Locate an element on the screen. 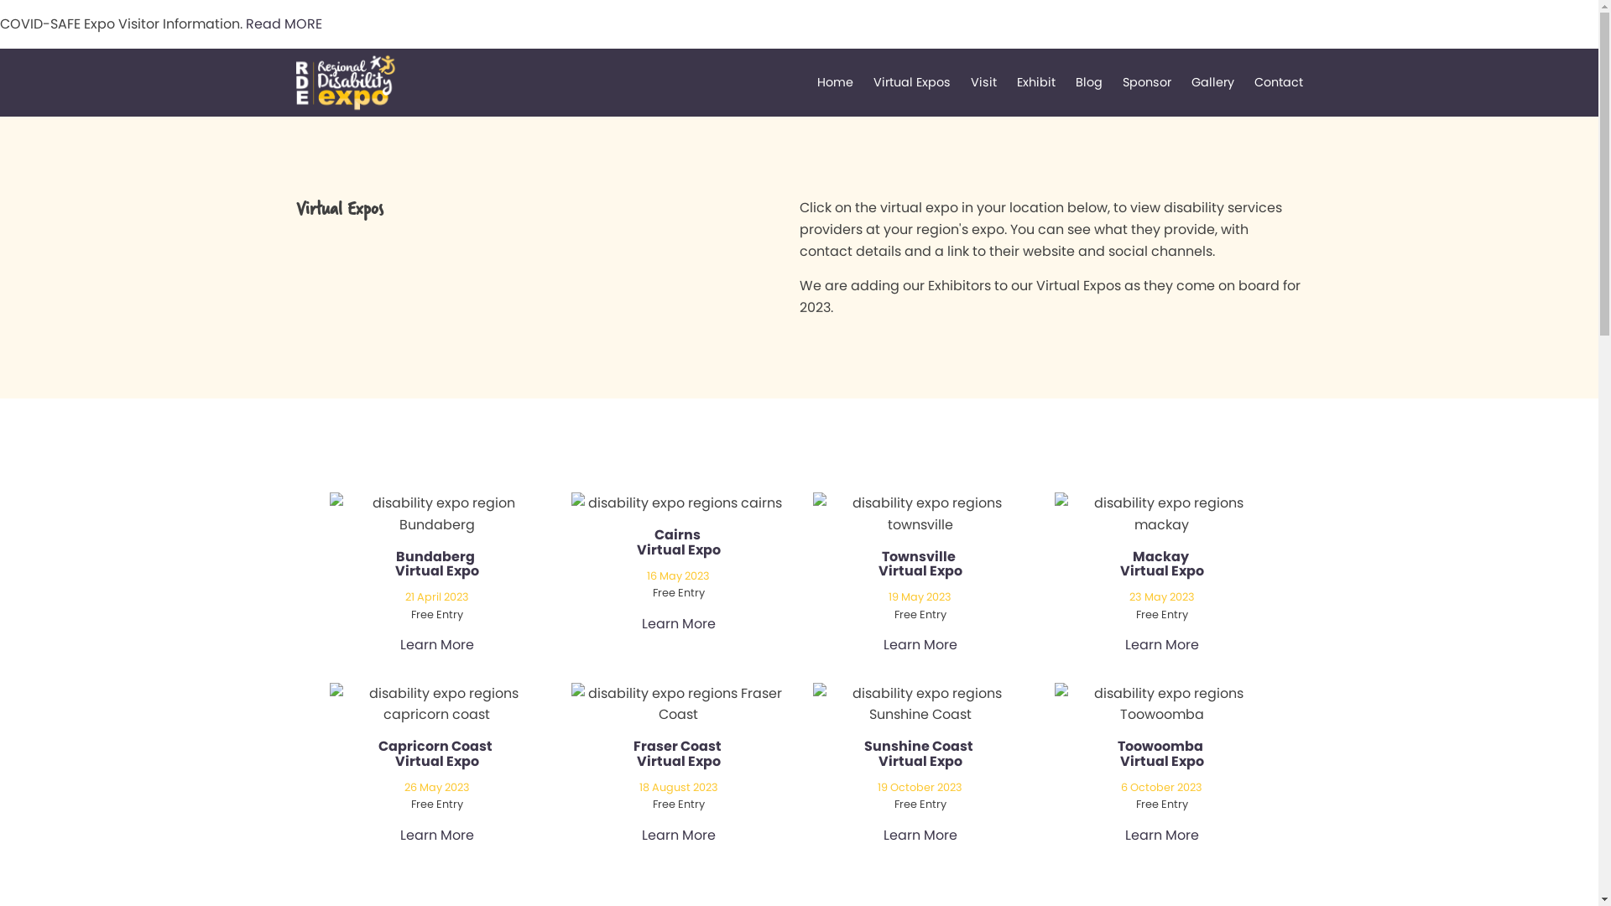 The image size is (1611, 906). 'Blog' is located at coordinates (1088, 82).